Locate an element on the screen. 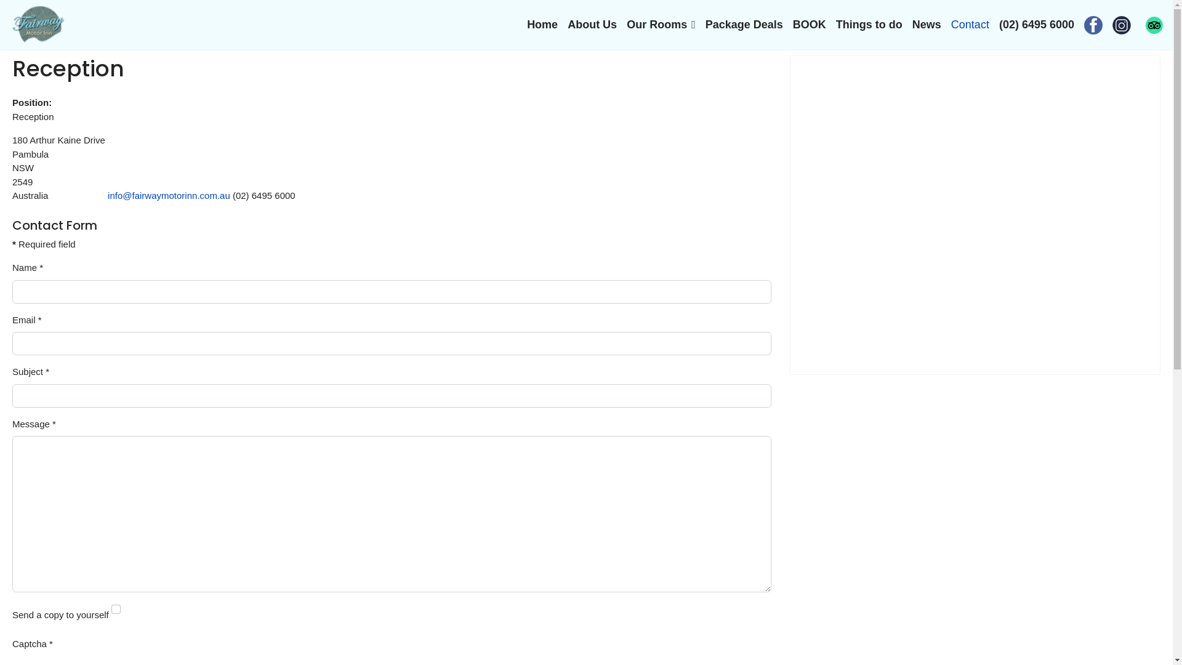  'Things to do' is located at coordinates (868, 24).